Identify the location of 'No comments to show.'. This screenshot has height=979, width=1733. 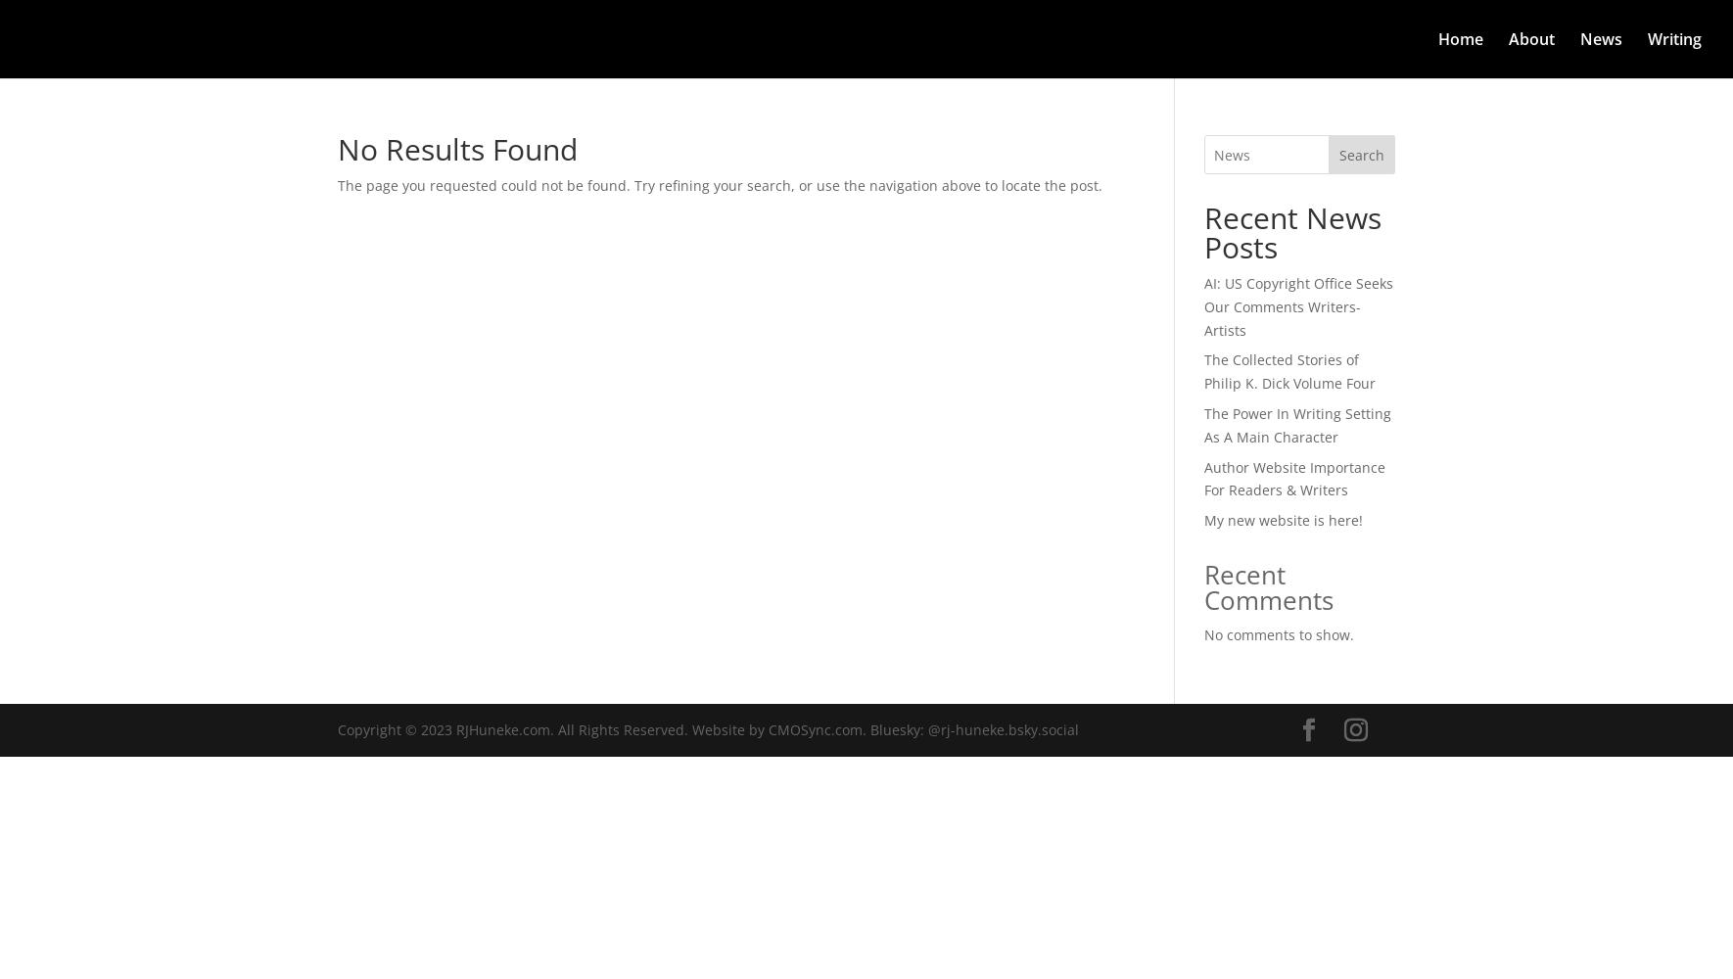
(1202, 633).